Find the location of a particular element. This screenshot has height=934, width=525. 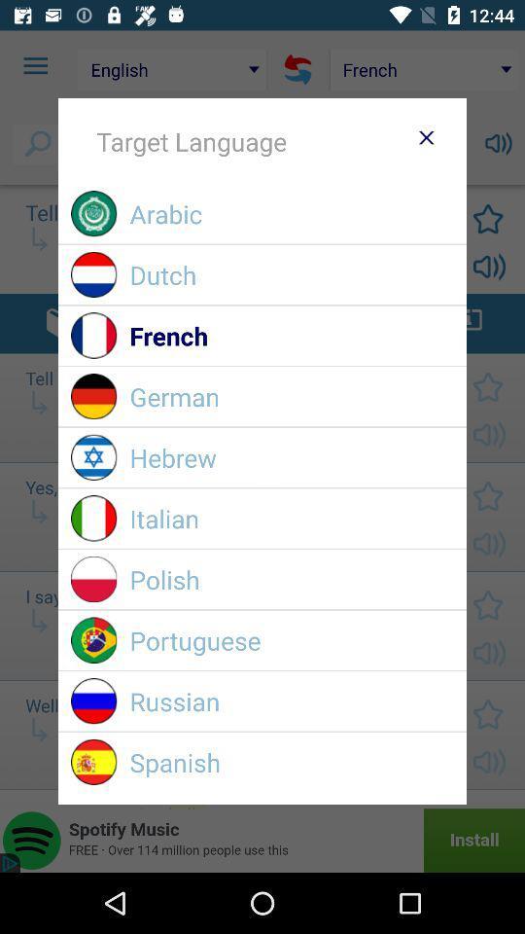

language widget is located at coordinates (425, 136).